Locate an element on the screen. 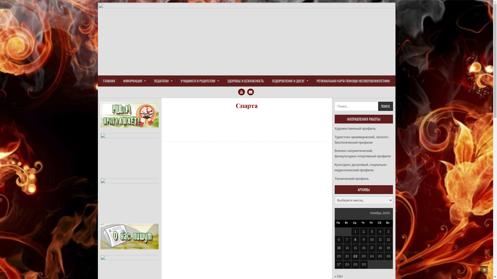  '8' is located at coordinates (355, 239).